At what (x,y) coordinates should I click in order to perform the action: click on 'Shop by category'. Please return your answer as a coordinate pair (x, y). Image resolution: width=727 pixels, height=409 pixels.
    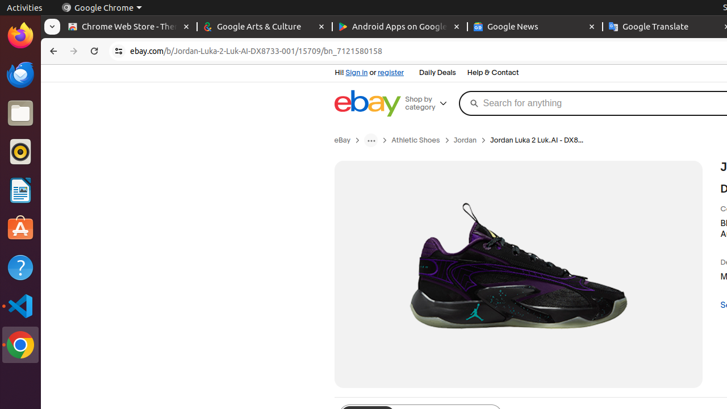
    Looking at the image, I should click on (429, 103).